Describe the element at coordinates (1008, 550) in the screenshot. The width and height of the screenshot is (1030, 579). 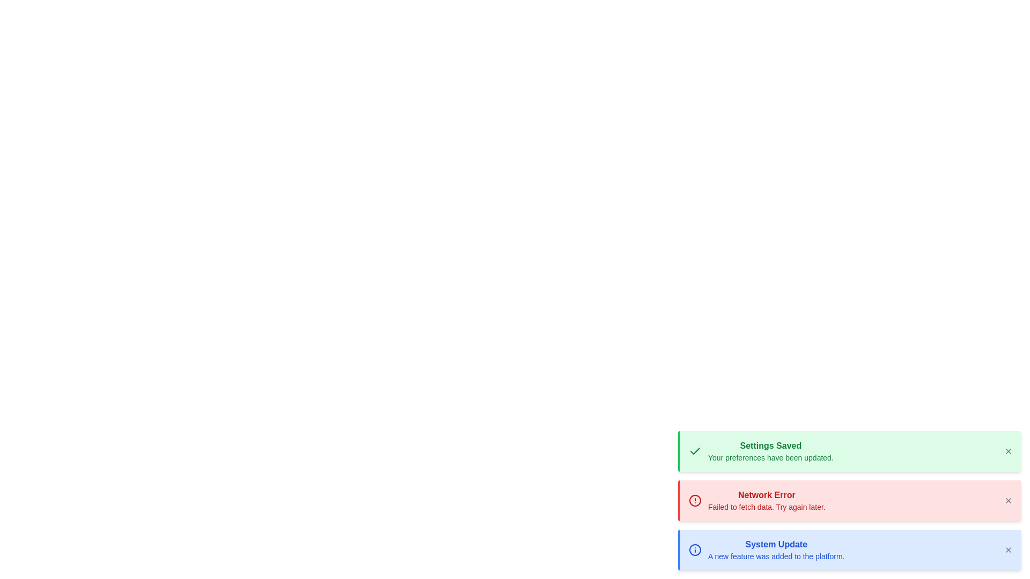
I see `the close button at the top-right corner of the blue notification box labeled 'System Update'` at that location.